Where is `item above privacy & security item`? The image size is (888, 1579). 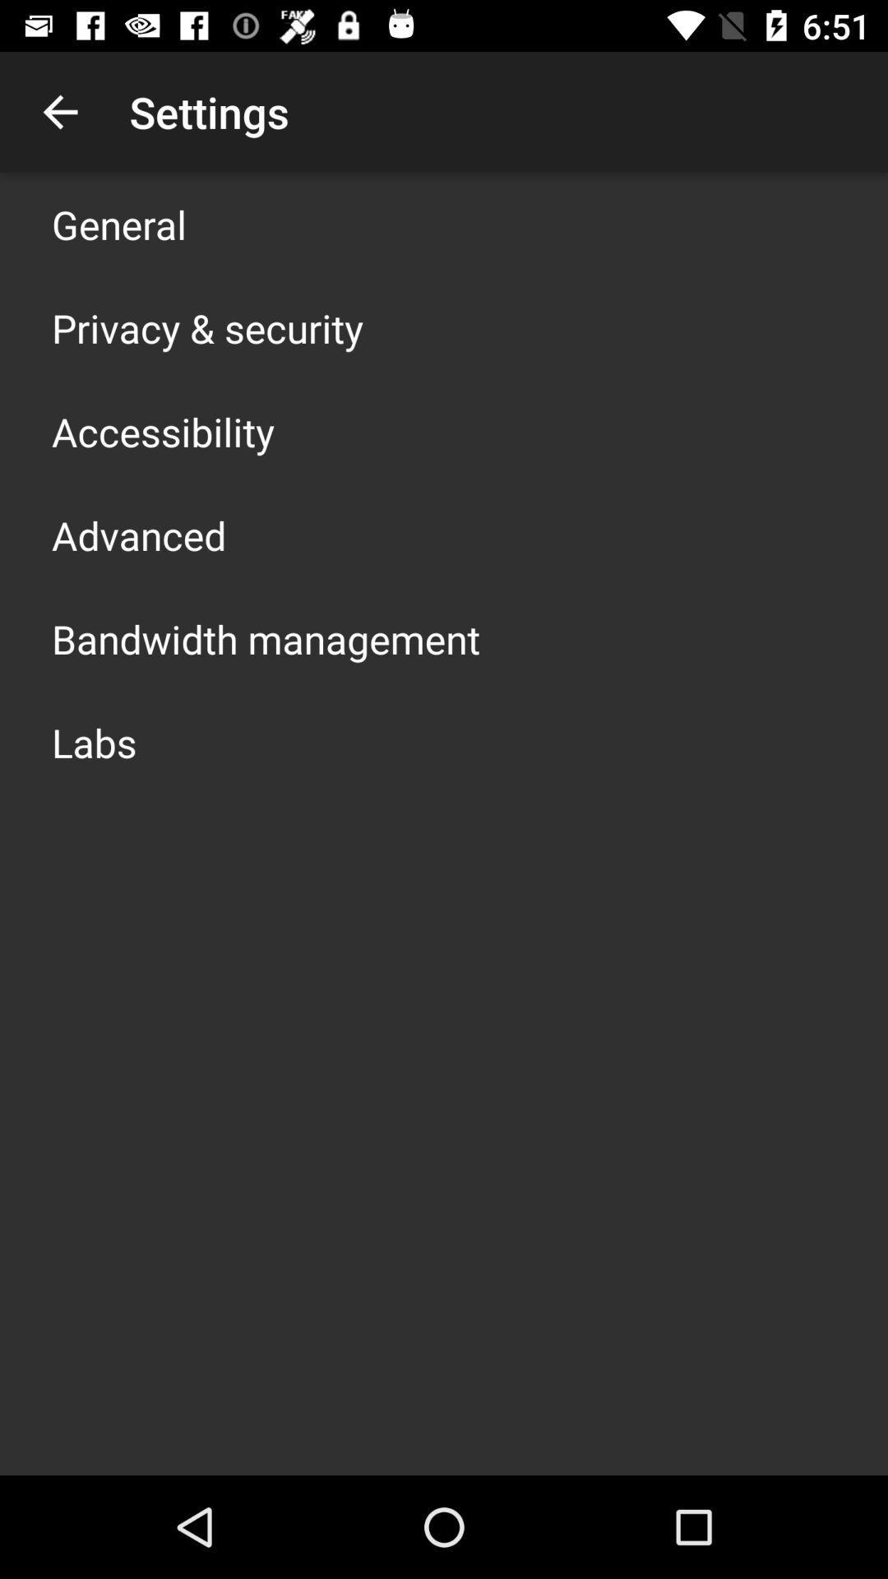
item above privacy & security item is located at coordinates (118, 224).